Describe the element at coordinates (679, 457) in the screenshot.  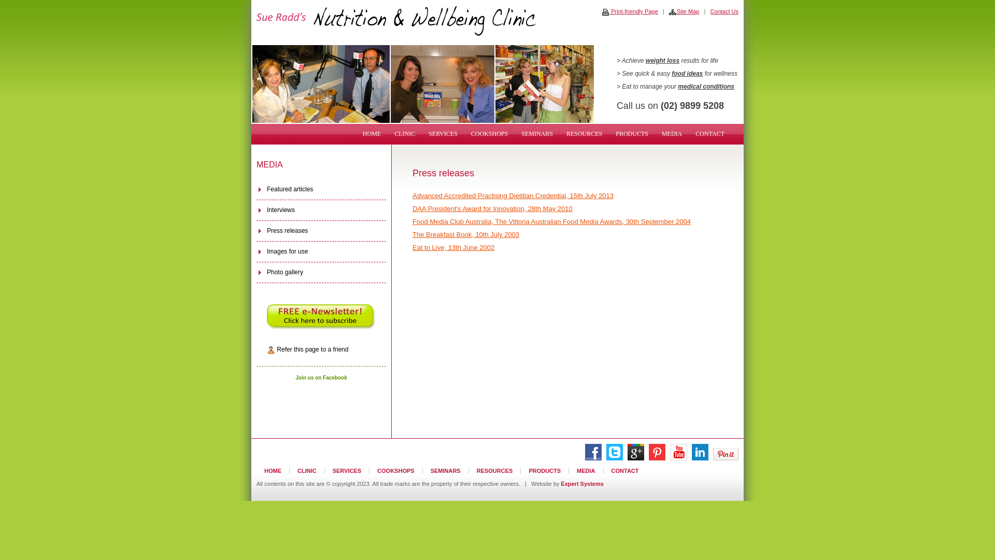
I see `'Visit our Youtube channel'` at that location.